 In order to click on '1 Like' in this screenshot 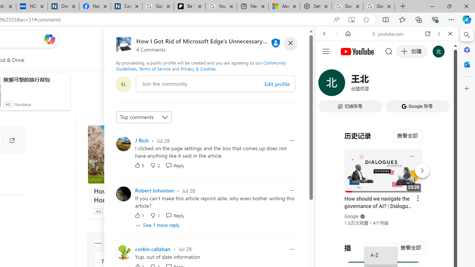, I will do `click(139, 215)`.